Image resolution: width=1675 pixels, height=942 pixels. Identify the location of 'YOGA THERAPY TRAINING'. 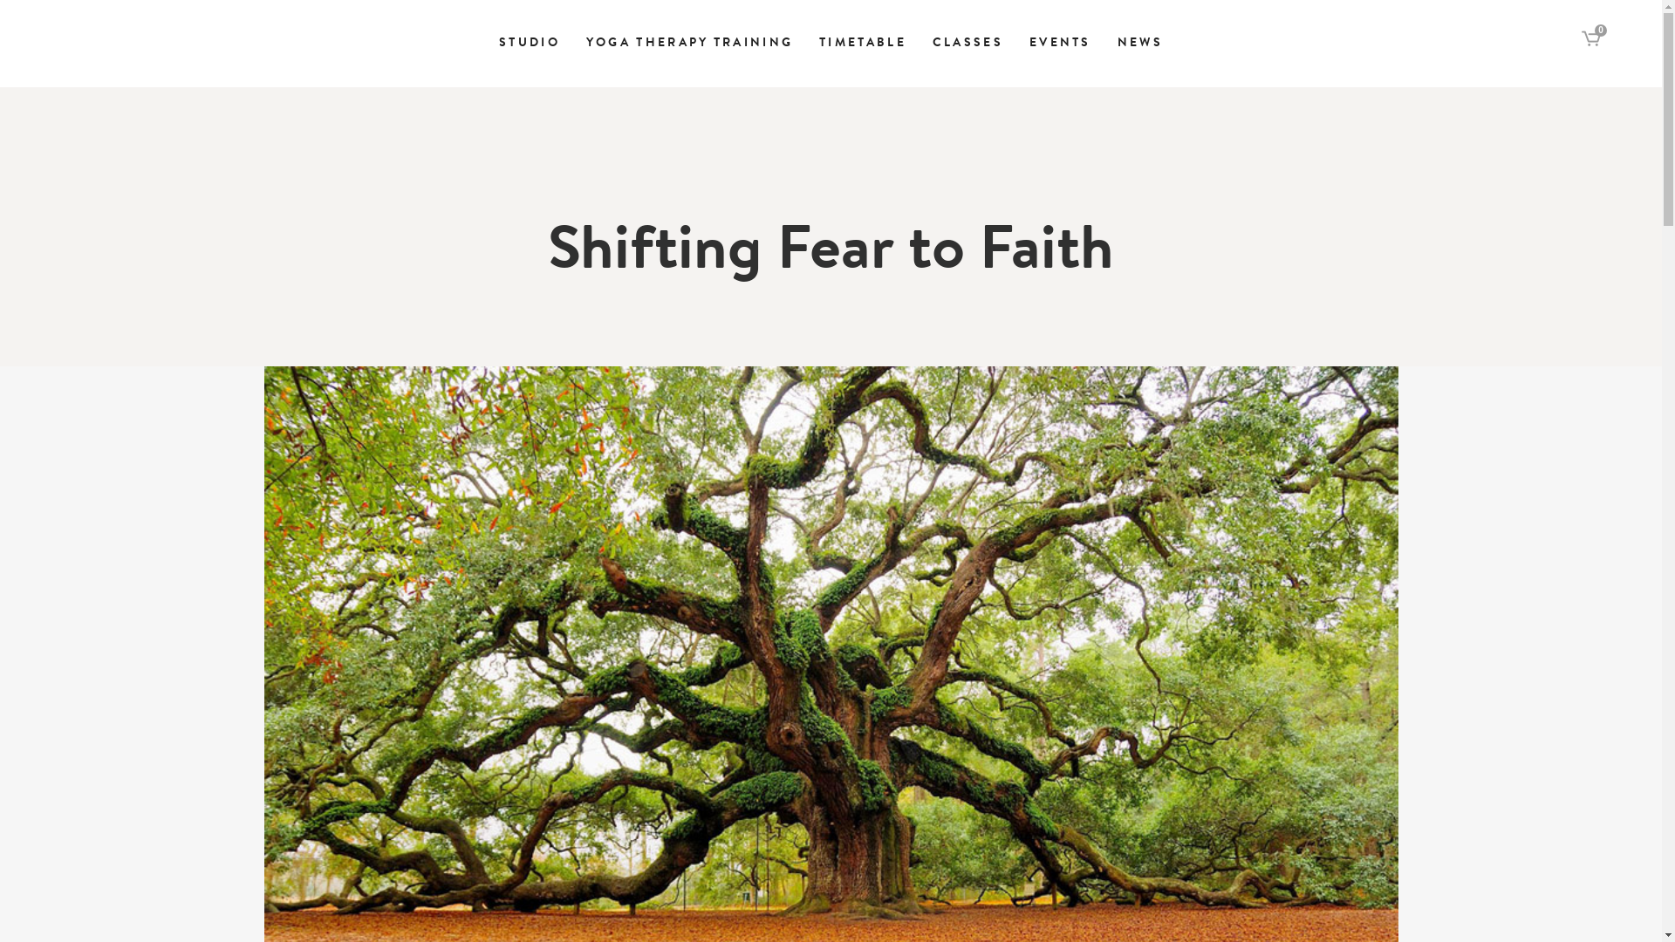
(573, 43).